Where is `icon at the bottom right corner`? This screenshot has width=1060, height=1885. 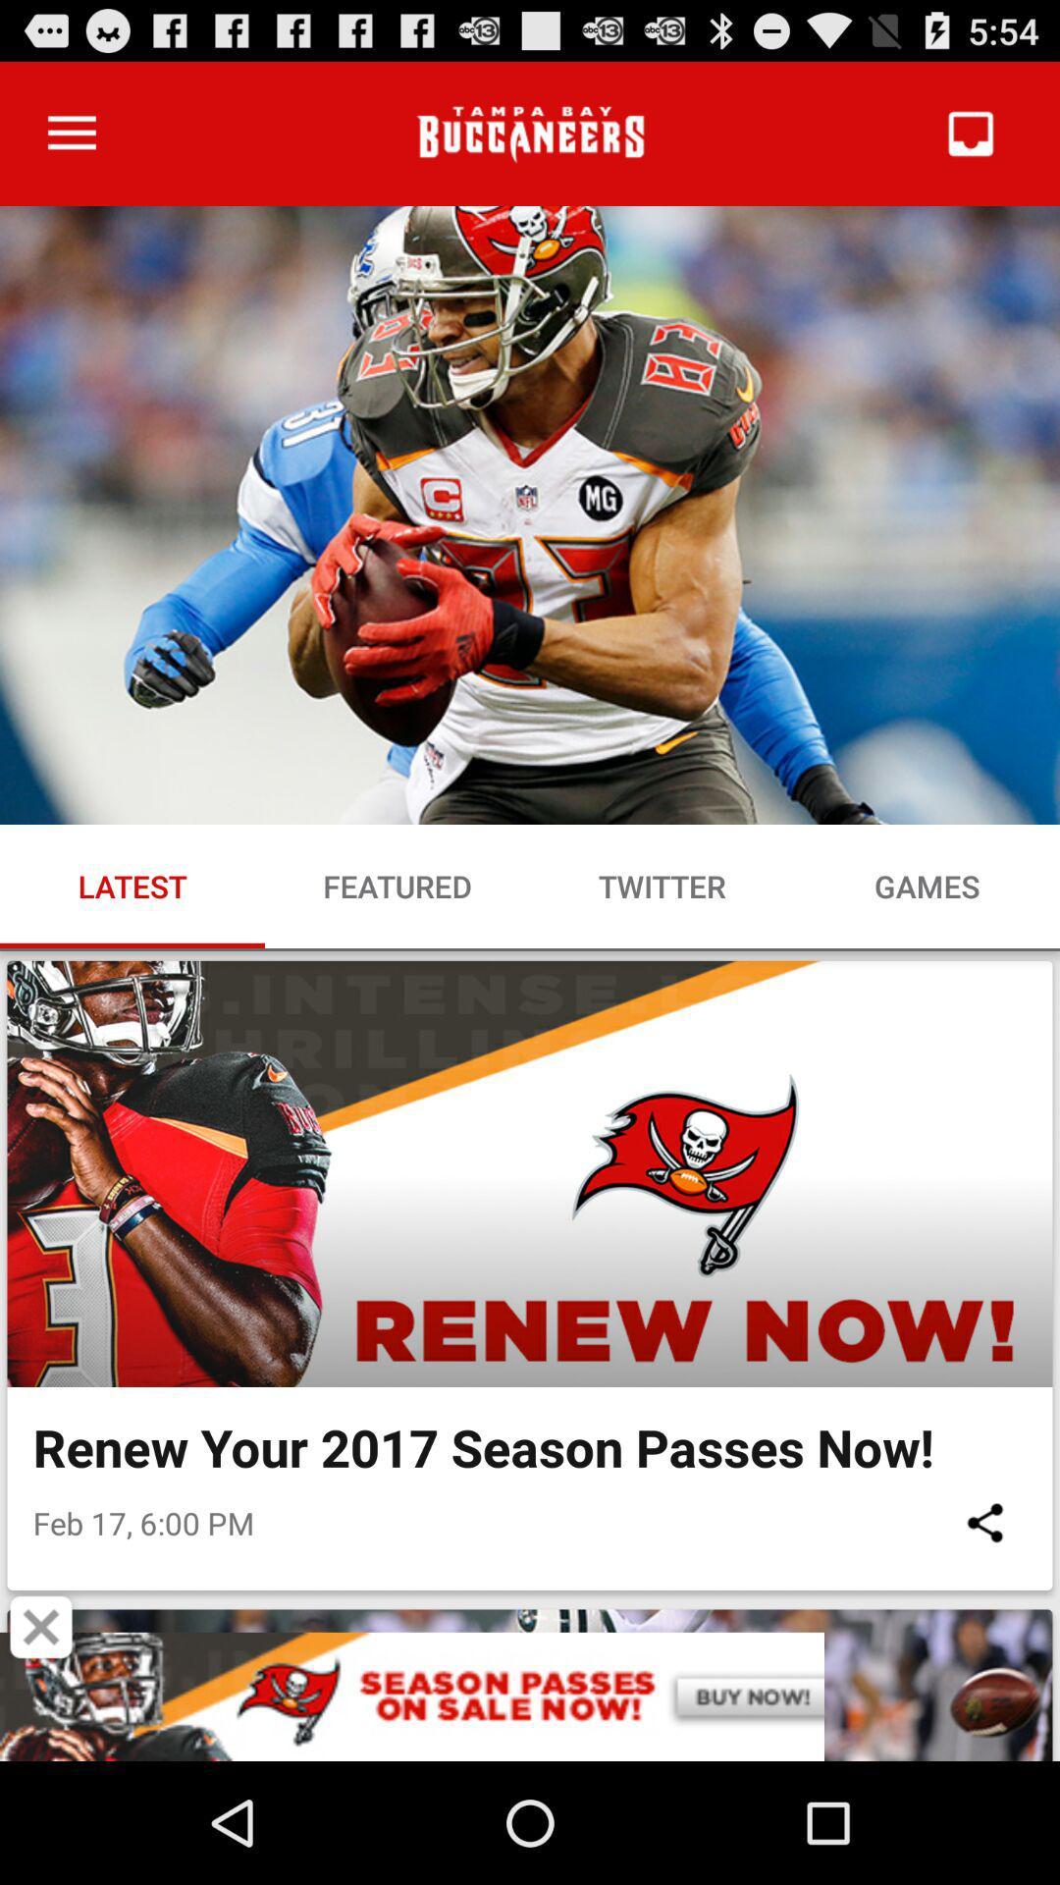 icon at the bottom right corner is located at coordinates (984, 1522).